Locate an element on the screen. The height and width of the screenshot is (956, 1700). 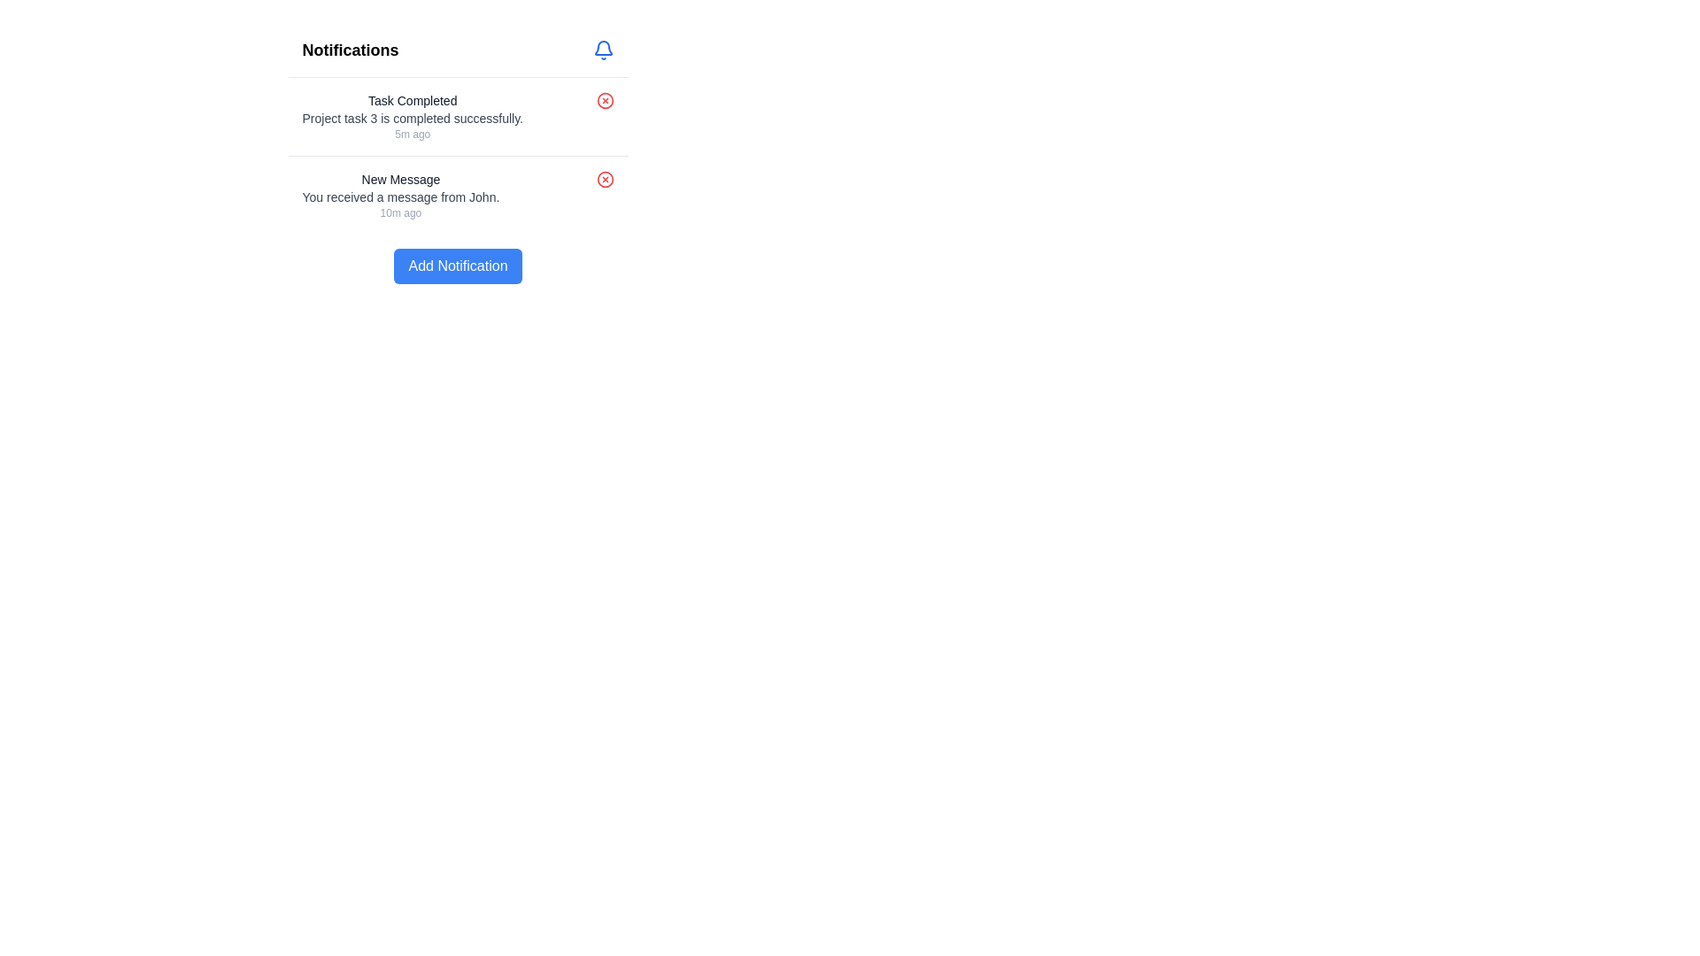
Text Label that describes a message notification from John, located below the 'New Message' header and above the '10m ago' timestamp is located at coordinates (399, 197).